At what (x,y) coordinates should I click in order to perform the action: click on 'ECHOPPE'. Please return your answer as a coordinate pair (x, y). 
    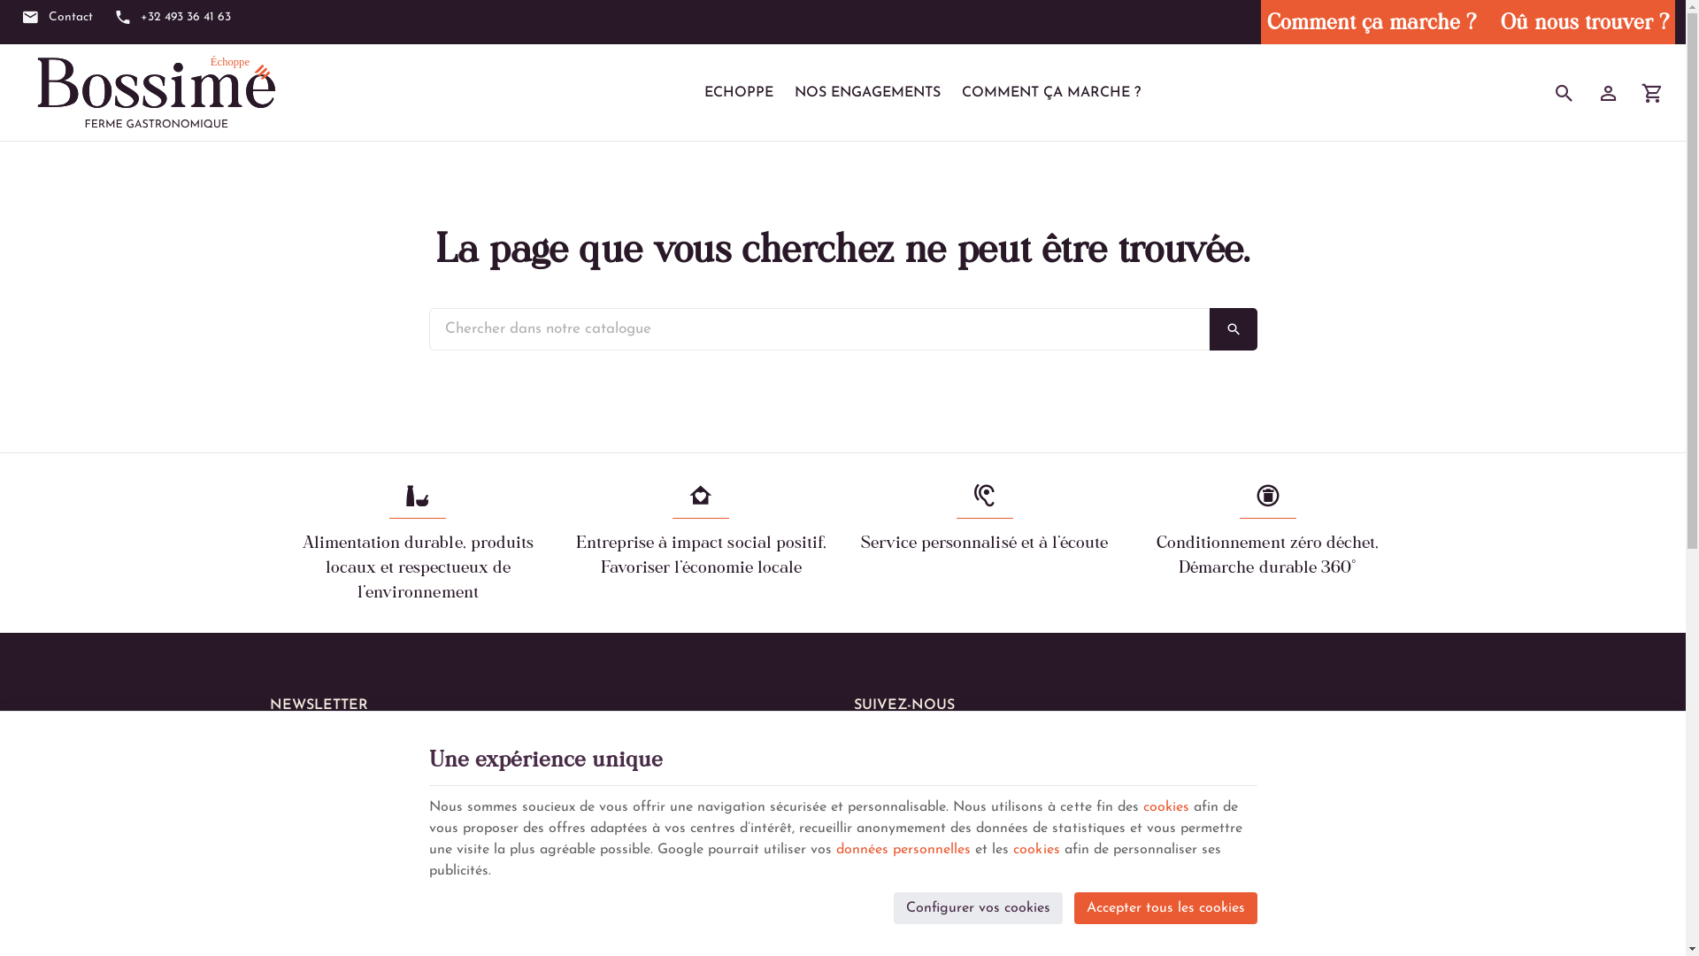
    Looking at the image, I should click on (692, 92).